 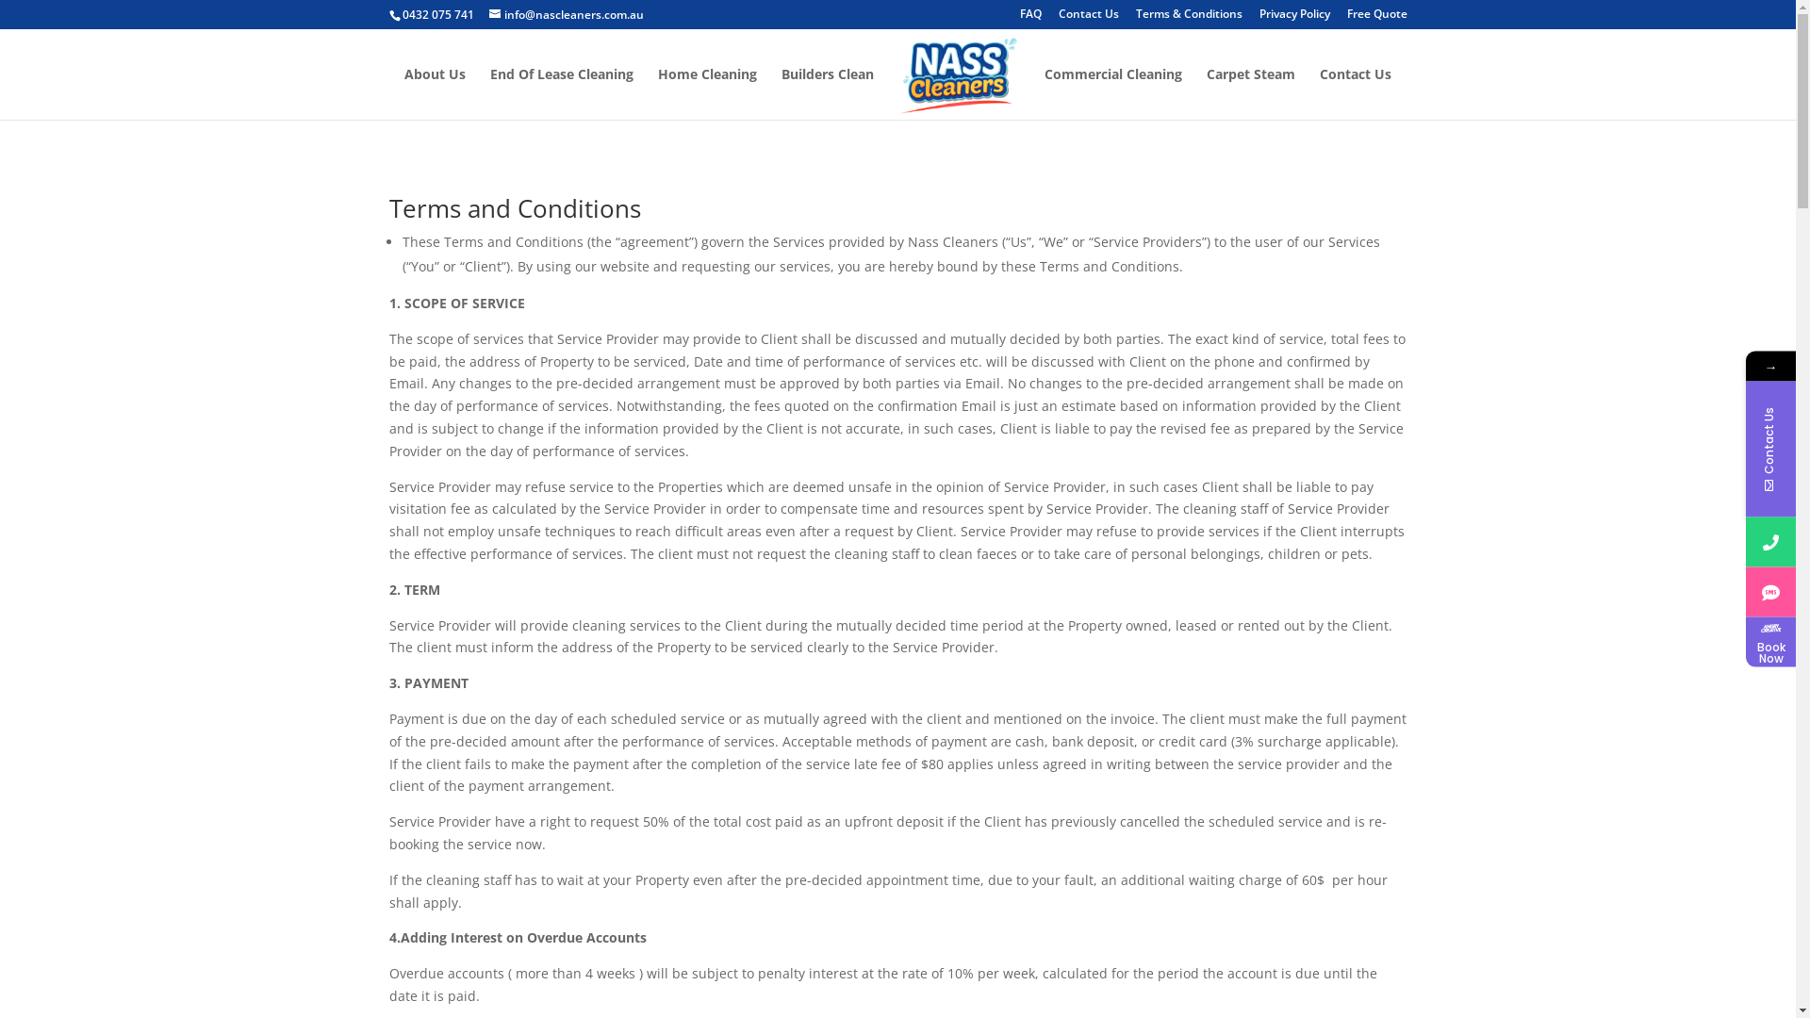 I want to click on 'Free Quote', so click(x=1375, y=18).